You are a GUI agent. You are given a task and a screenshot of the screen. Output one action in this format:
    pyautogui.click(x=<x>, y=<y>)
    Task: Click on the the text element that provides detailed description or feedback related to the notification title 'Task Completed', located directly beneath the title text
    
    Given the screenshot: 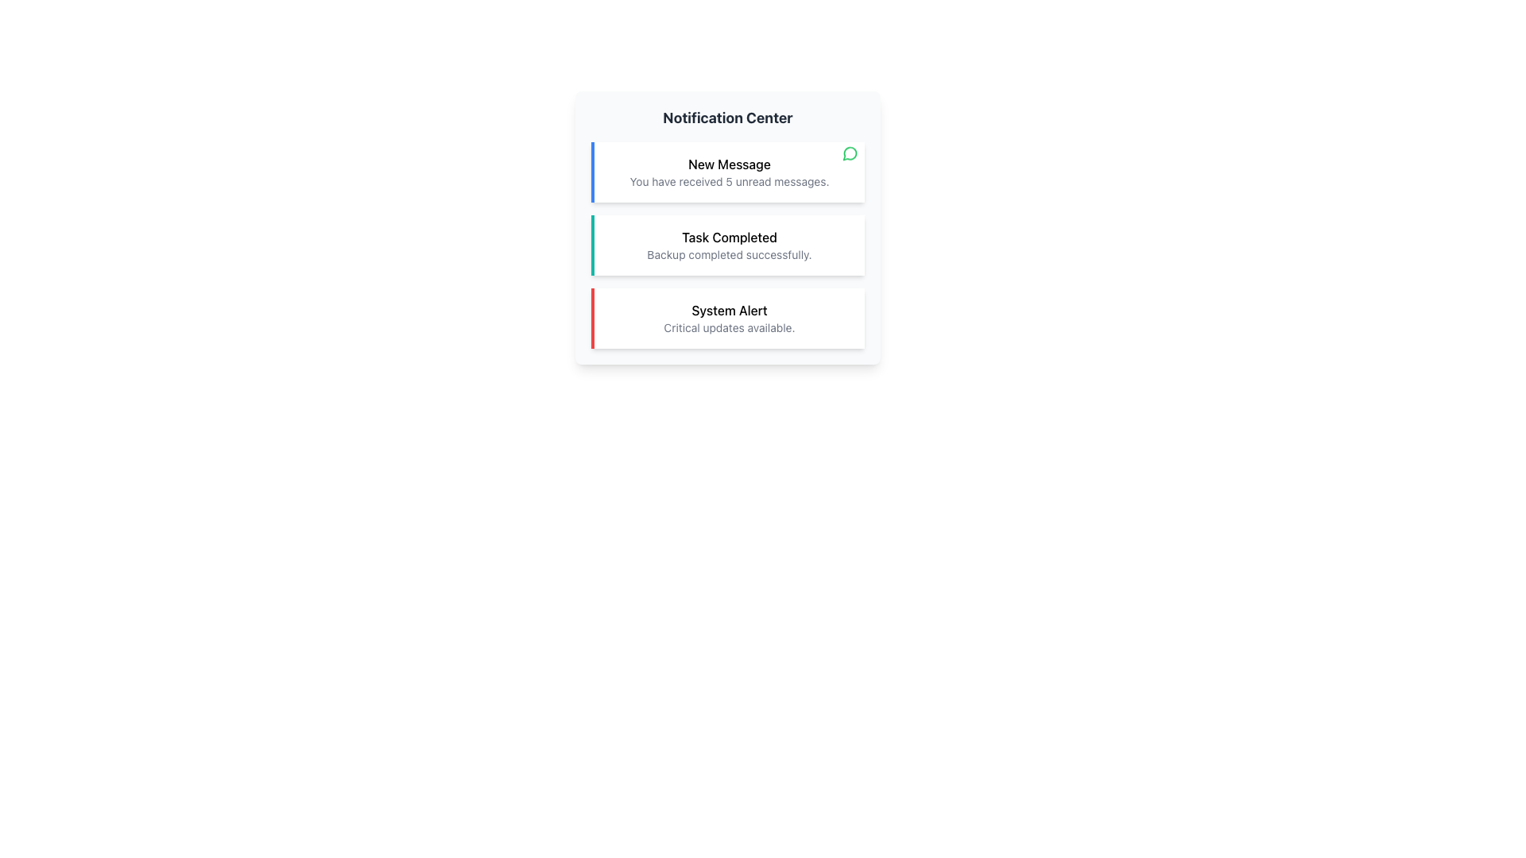 What is the action you would take?
    pyautogui.click(x=728, y=253)
    